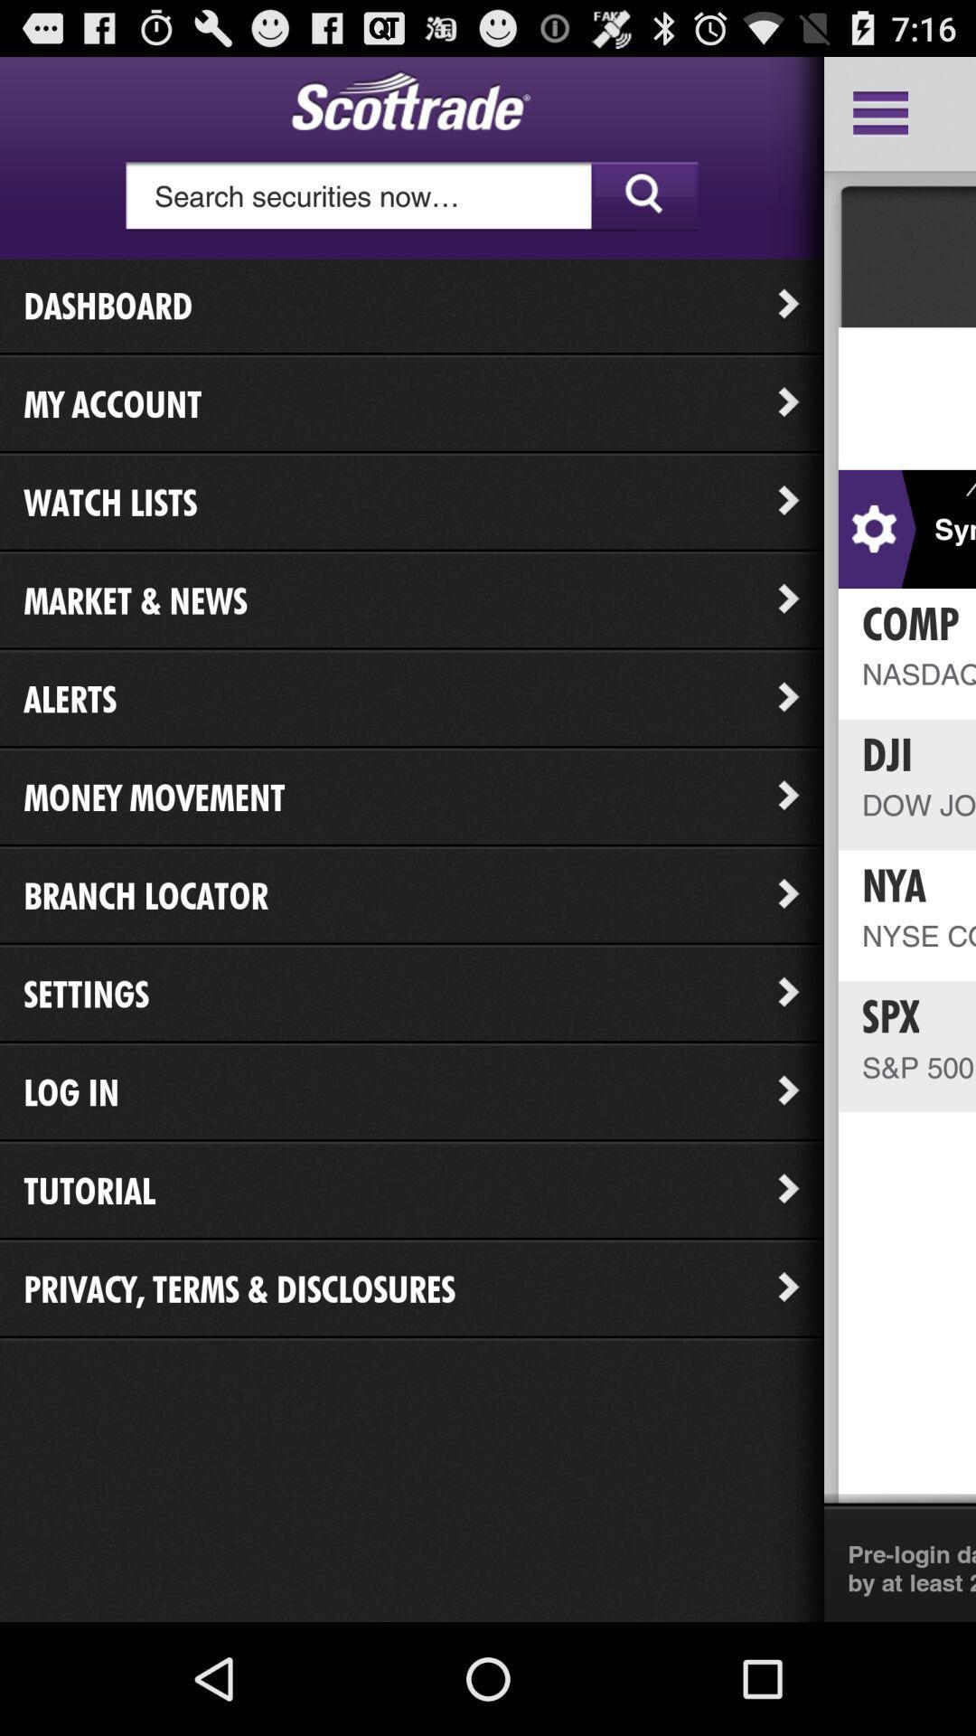 The height and width of the screenshot is (1736, 976). Describe the element at coordinates (411, 196) in the screenshot. I see `search bar` at that location.